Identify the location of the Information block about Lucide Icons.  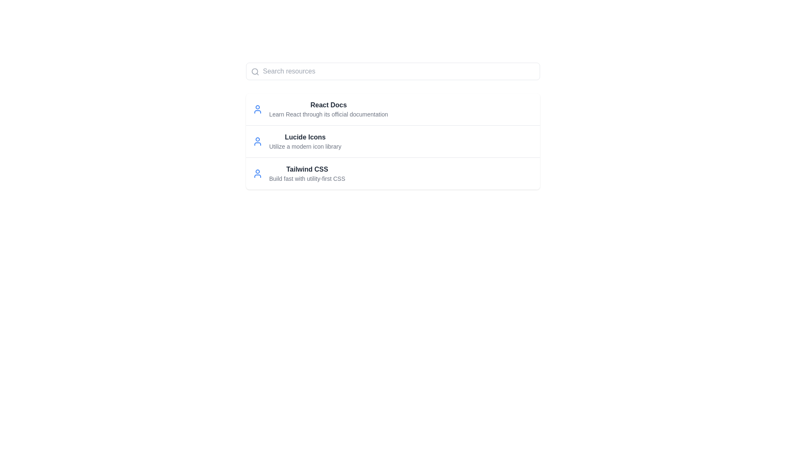
(392, 141).